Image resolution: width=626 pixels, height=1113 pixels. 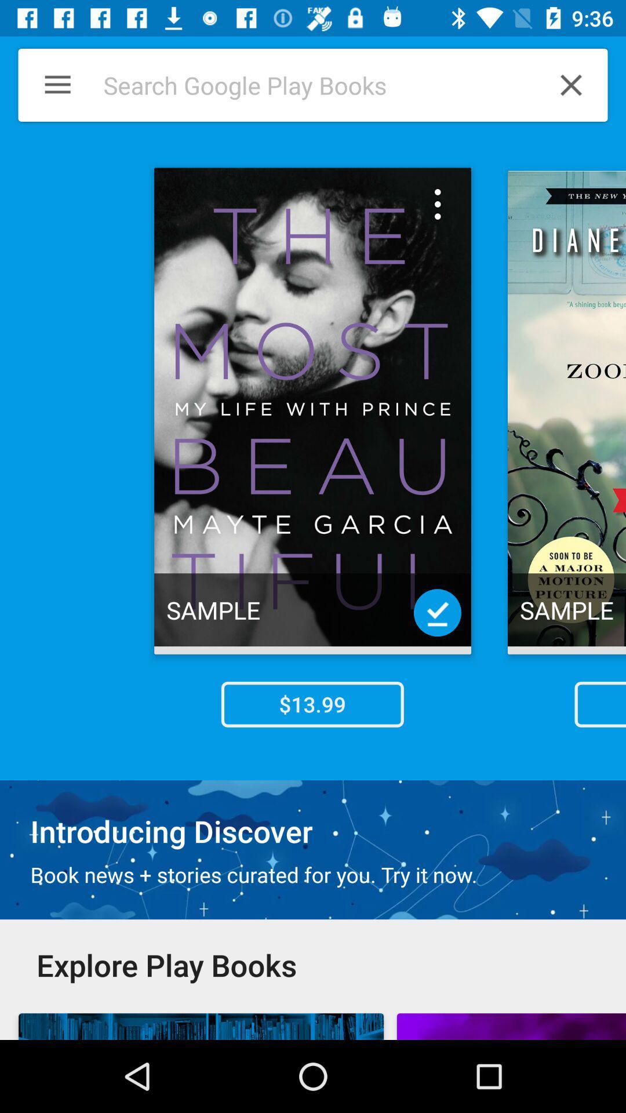 What do you see at coordinates (306, 85) in the screenshot?
I see `search bar` at bounding box center [306, 85].